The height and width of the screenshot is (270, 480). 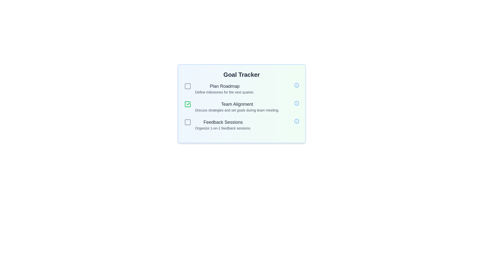 What do you see at coordinates (187, 86) in the screenshot?
I see `the checkbox icon located to the left of the 'Plan Roadmap' text in the checklist, which allows users to mark or unmark the task` at bounding box center [187, 86].